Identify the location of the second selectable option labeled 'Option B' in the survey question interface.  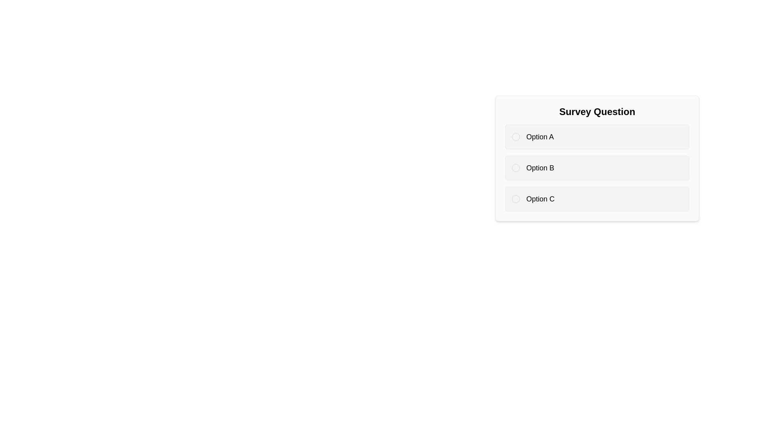
(597, 167).